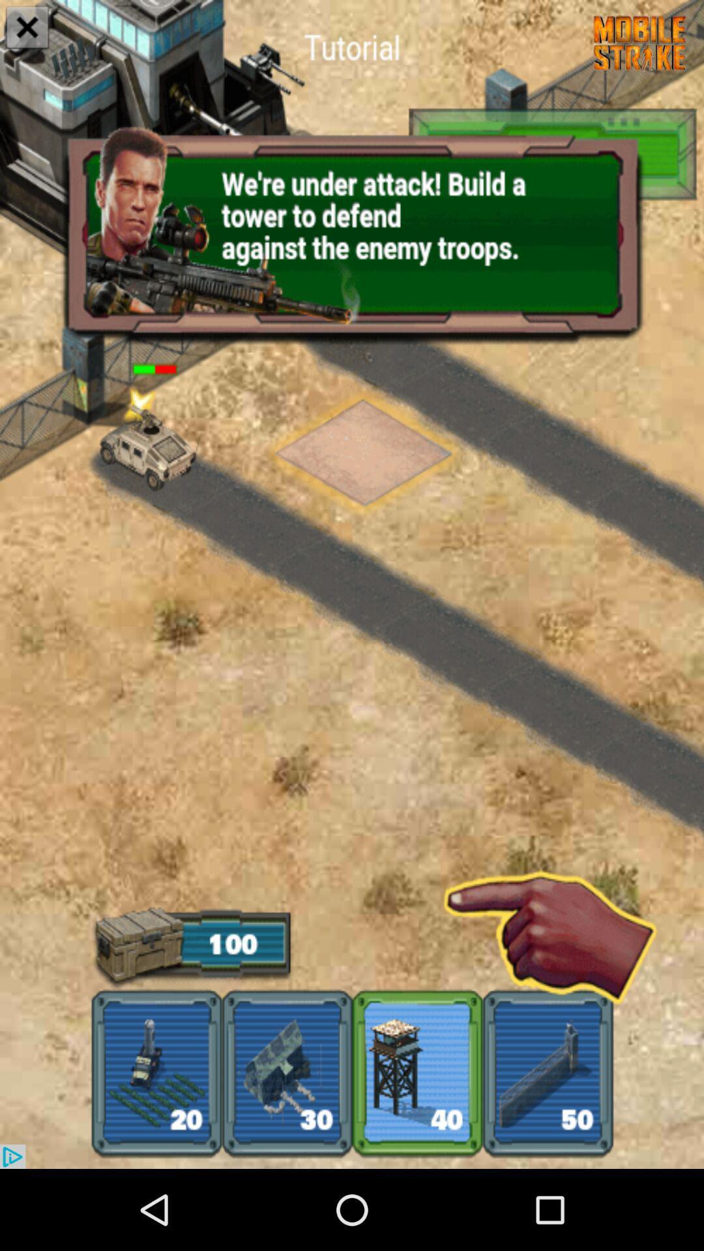 This screenshot has width=704, height=1251. Describe the element at coordinates (27, 29) in the screenshot. I see `the close icon` at that location.